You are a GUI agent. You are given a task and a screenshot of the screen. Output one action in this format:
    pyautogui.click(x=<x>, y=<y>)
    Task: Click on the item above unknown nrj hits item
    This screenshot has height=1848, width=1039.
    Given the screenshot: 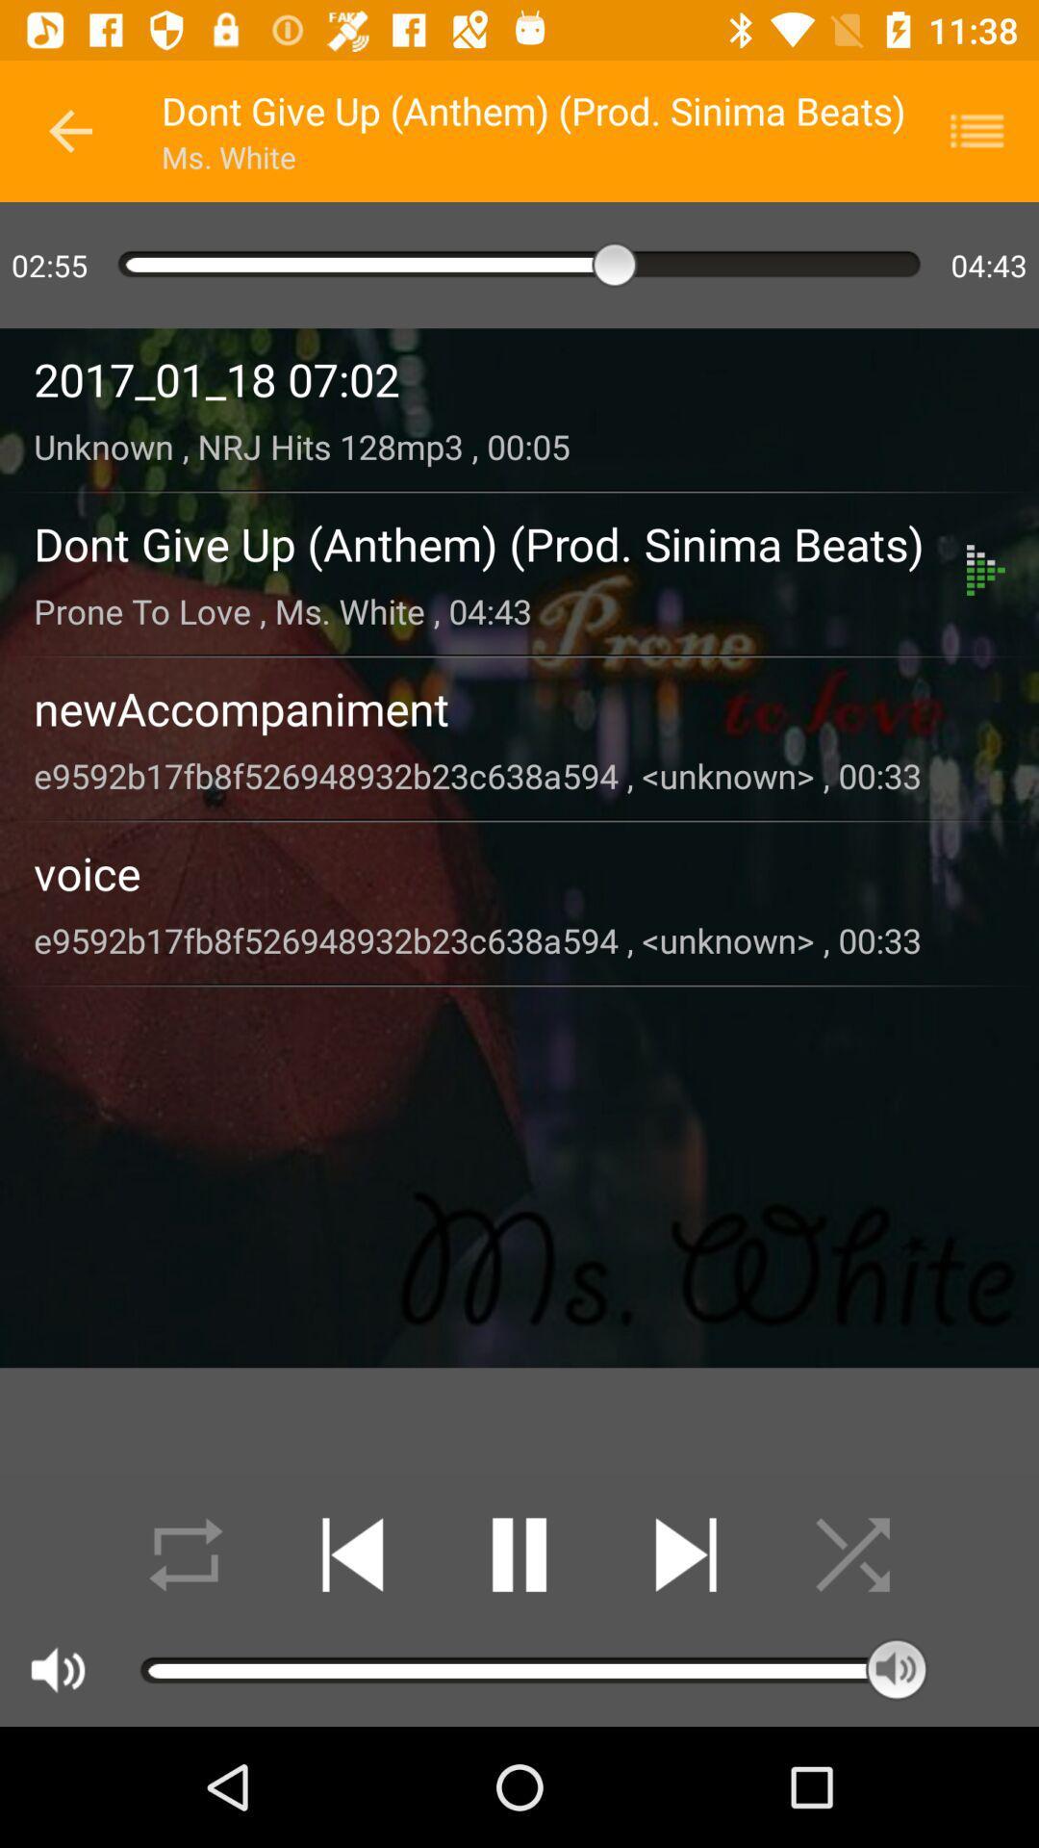 What is the action you would take?
    pyautogui.click(x=519, y=379)
    